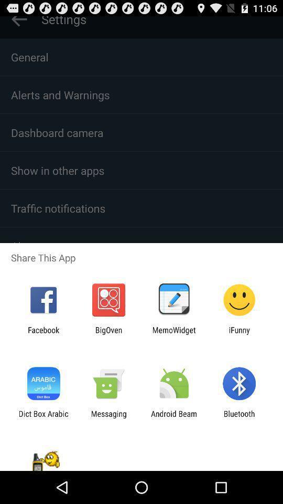  I want to click on the item next to bigoven icon, so click(43, 334).